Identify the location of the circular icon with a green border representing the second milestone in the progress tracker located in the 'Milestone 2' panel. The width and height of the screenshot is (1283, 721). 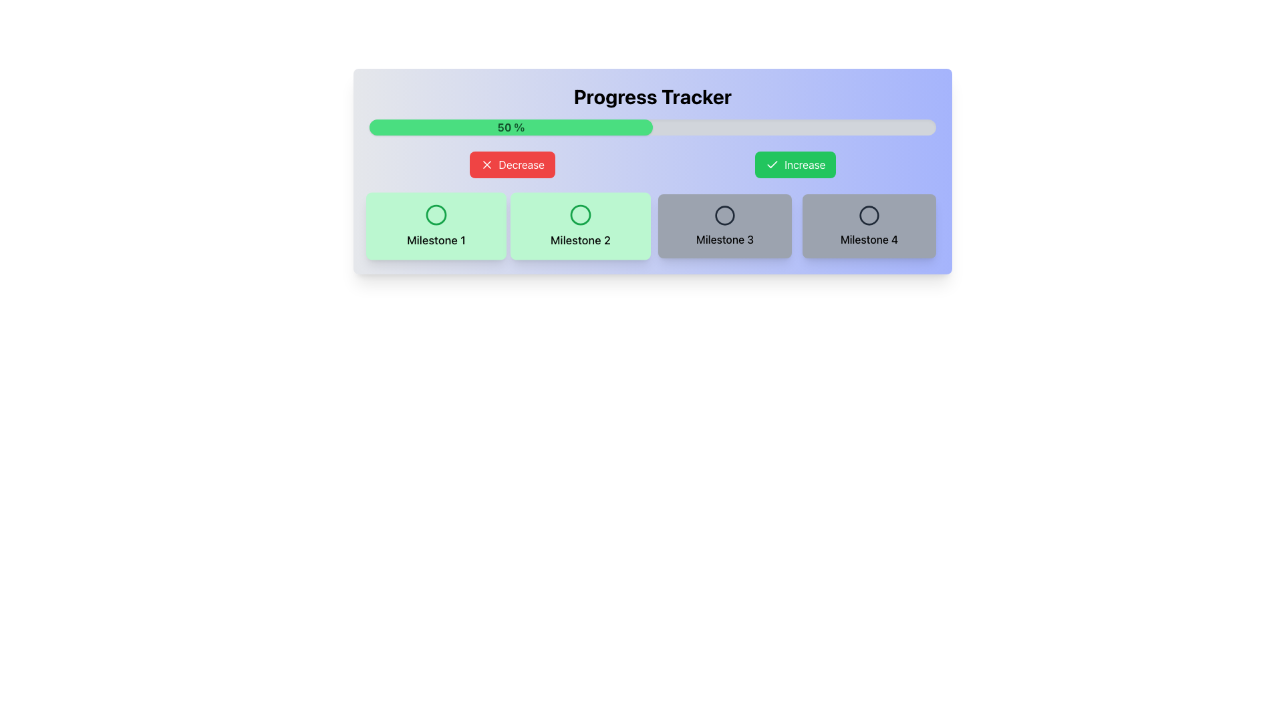
(580, 214).